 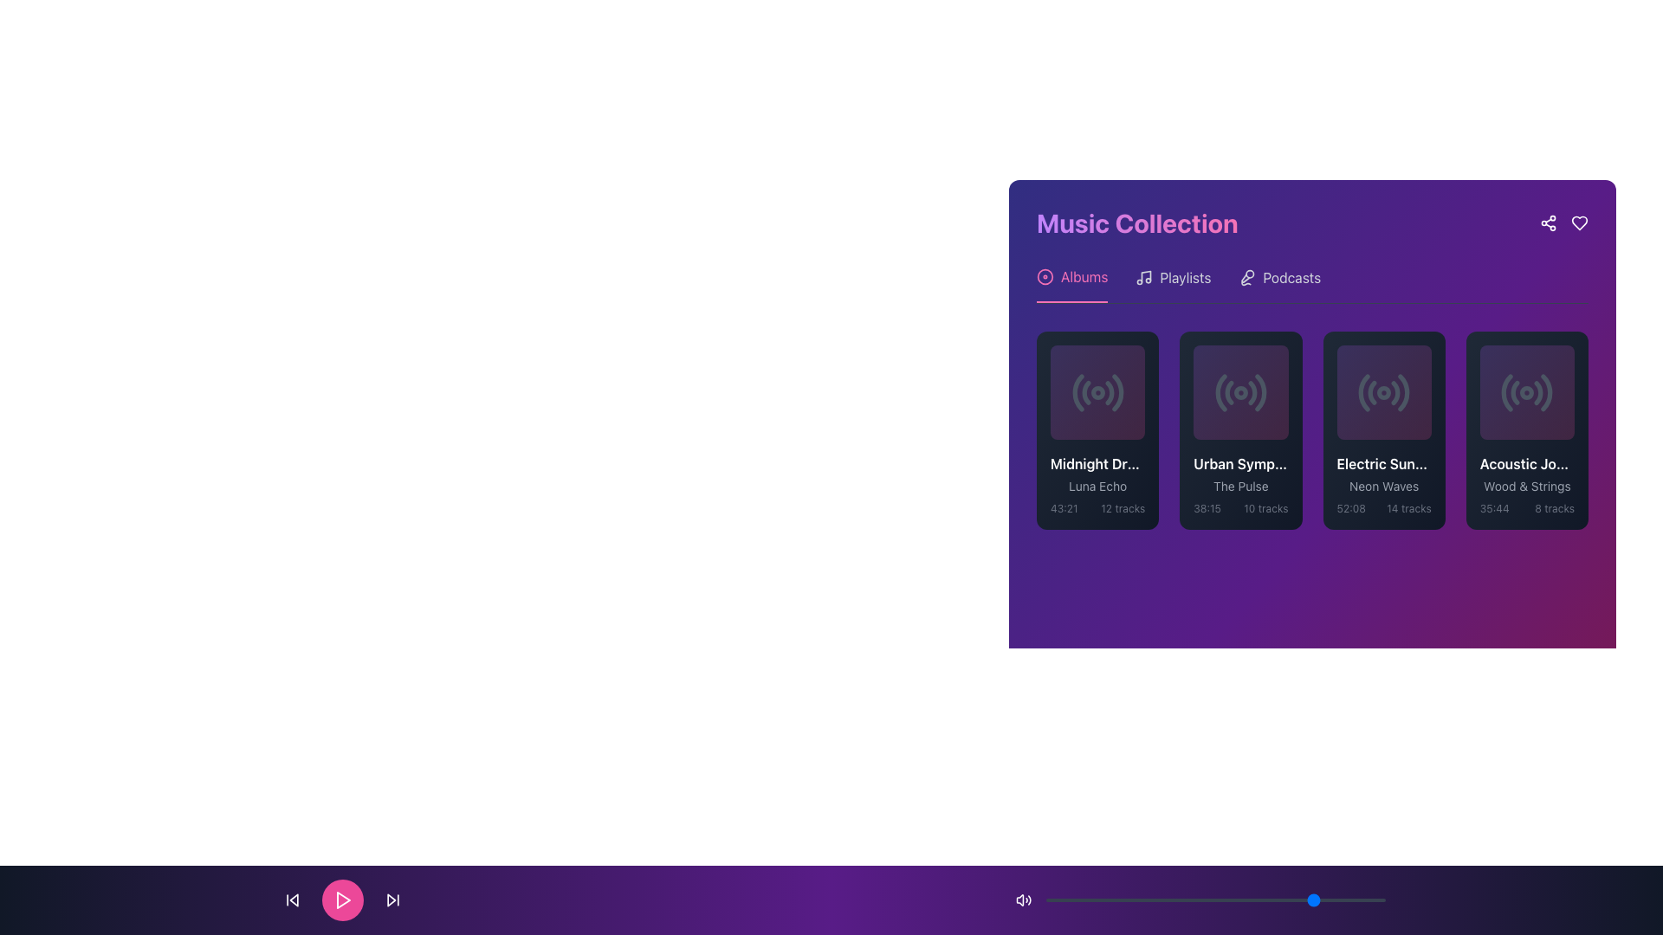 What do you see at coordinates (1383, 487) in the screenshot?
I see `the text label displaying the track name in the lower section of the third album card from the left in the 'Music Collection' section to trigger a tooltip` at bounding box center [1383, 487].